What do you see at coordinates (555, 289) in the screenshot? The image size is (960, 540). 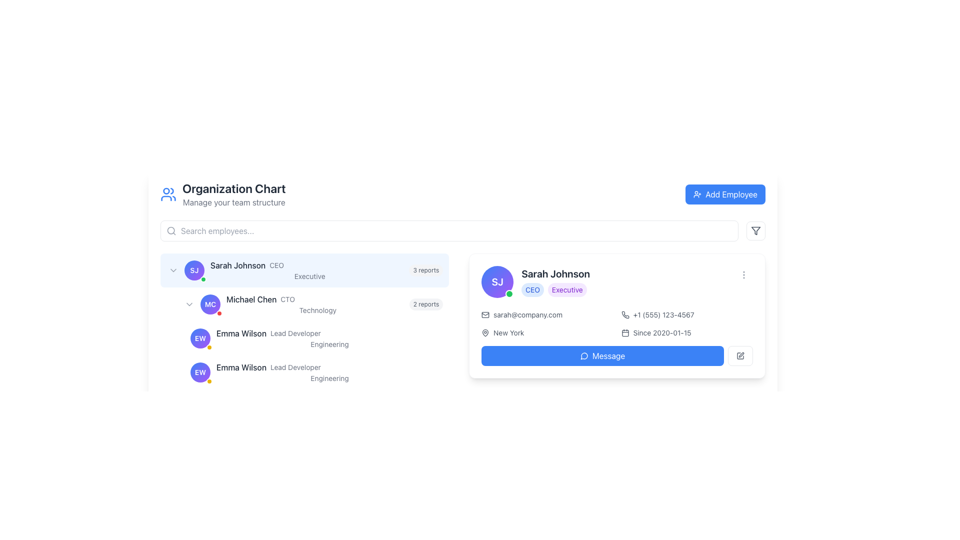 I see `text from the badges labeled 'CEO' and 'Executive', which are styled as rounded badges and located under the name 'Sarah Johnson' in the detailed information card` at bounding box center [555, 289].